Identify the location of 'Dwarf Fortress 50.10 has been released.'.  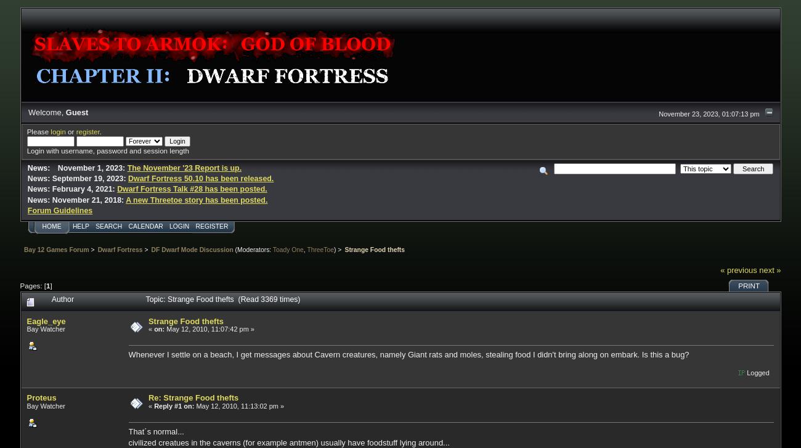
(200, 179).